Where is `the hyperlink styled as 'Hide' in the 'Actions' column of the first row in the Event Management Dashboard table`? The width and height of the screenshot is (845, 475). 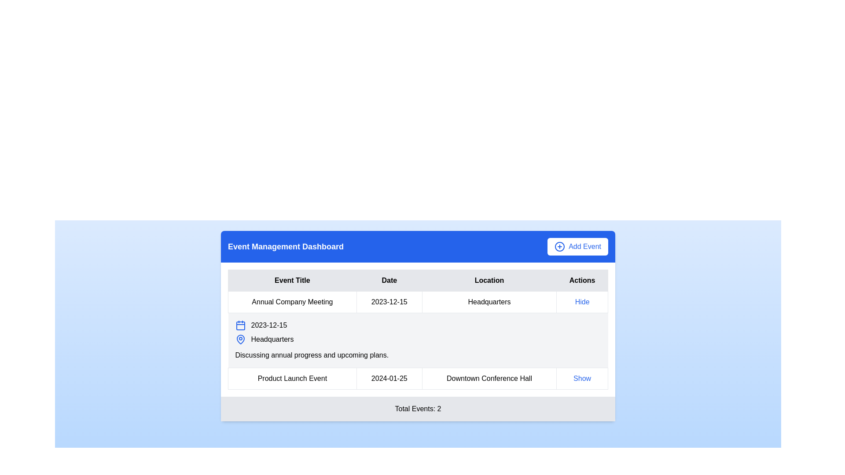 the hyperlink styled as 'Hide' in the 'Actions' column of the first row in the Event Management Dashboard table is located at coordinates (582, 301).